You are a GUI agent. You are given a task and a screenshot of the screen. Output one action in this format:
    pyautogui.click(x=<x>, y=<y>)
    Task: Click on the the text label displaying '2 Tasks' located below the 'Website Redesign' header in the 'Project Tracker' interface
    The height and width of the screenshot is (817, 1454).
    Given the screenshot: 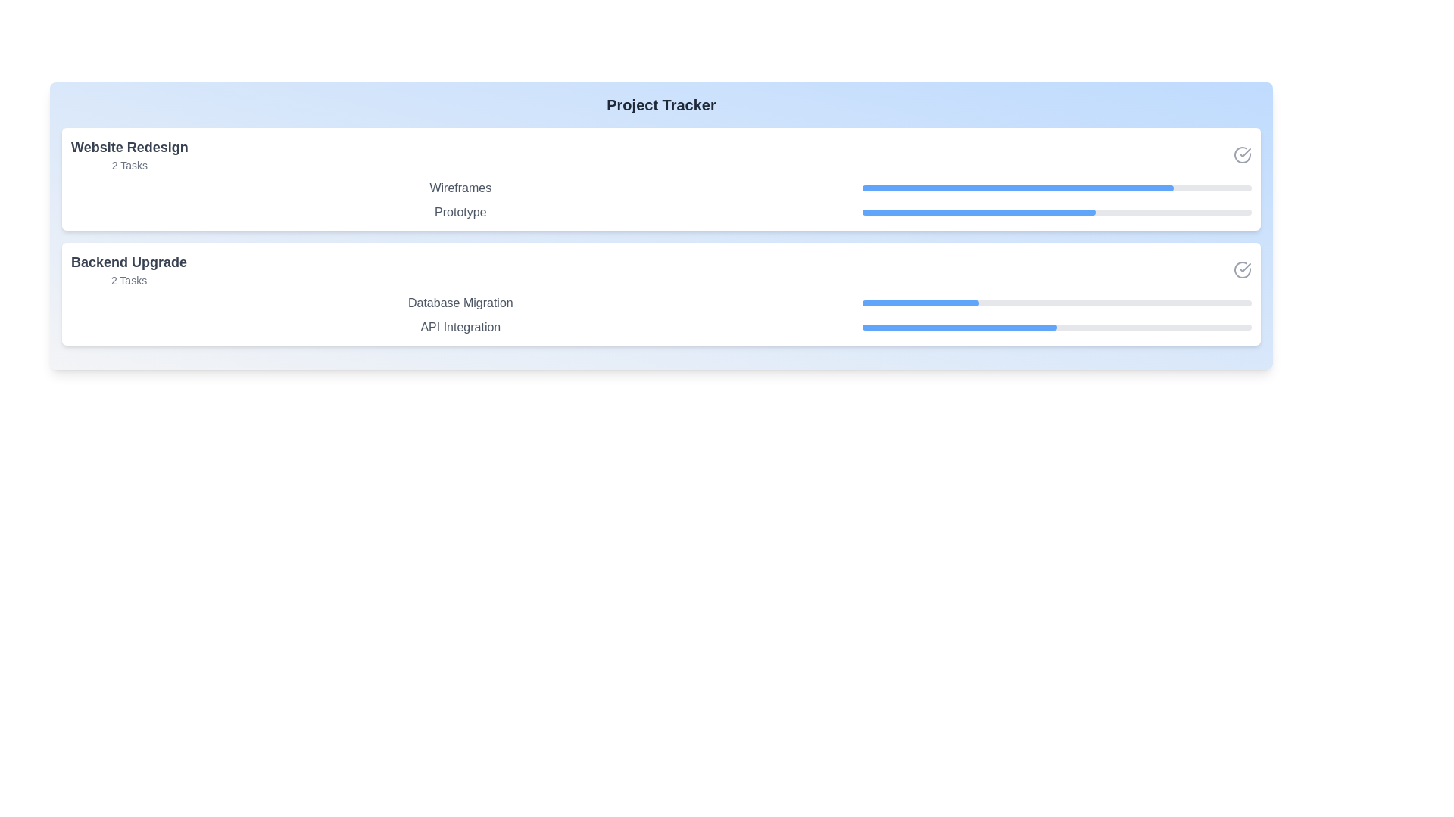 What is the action you would take?
    pyautogui.click(x=129, y=166)
    